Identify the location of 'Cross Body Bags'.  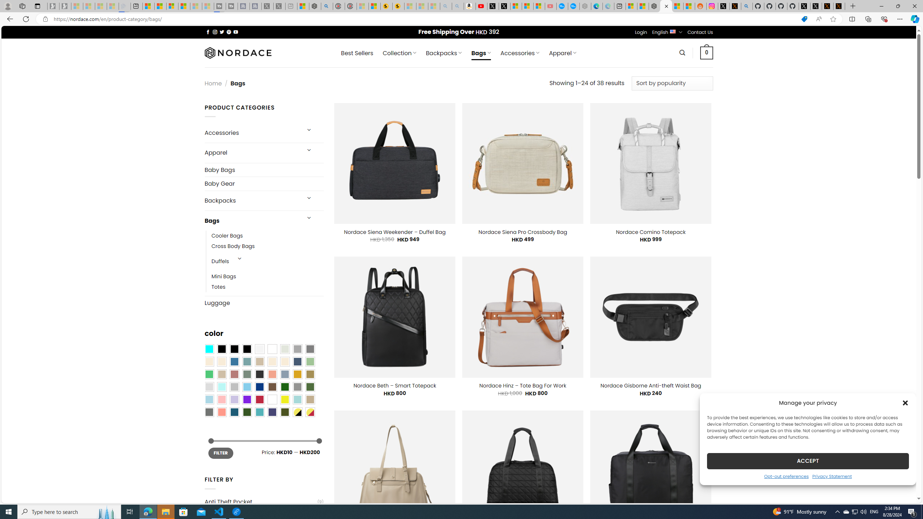
(233, 246).